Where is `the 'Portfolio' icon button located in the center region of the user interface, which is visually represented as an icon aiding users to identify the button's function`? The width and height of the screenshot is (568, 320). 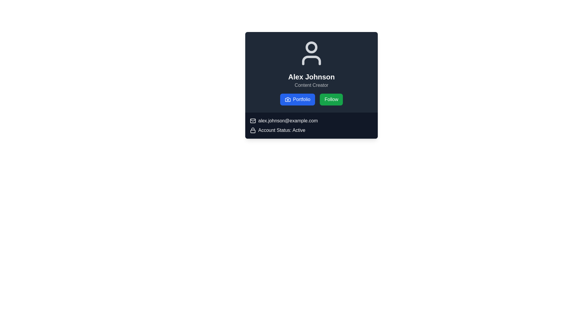
the 'Portfolio' icon button located in the center region of the user interface, which is visually represented as an icon aiding users to identify the button's function is located at coordinates (288, 99).